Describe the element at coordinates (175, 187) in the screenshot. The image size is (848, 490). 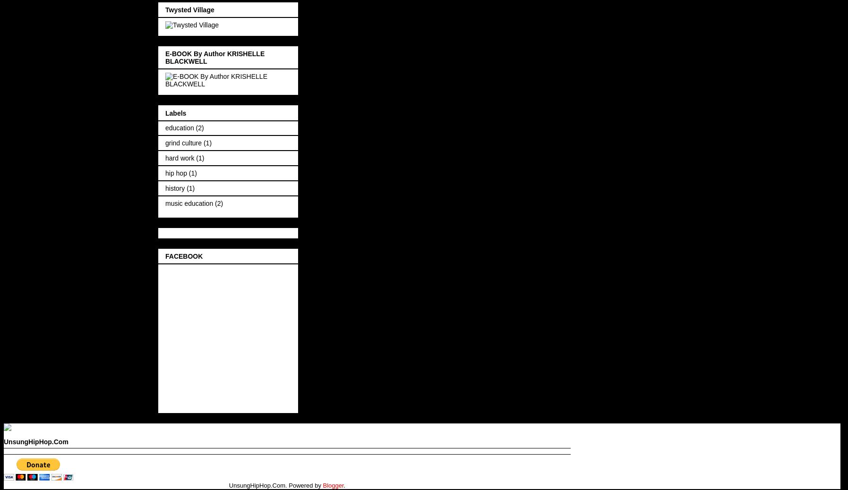
I see `'history'` at that location.